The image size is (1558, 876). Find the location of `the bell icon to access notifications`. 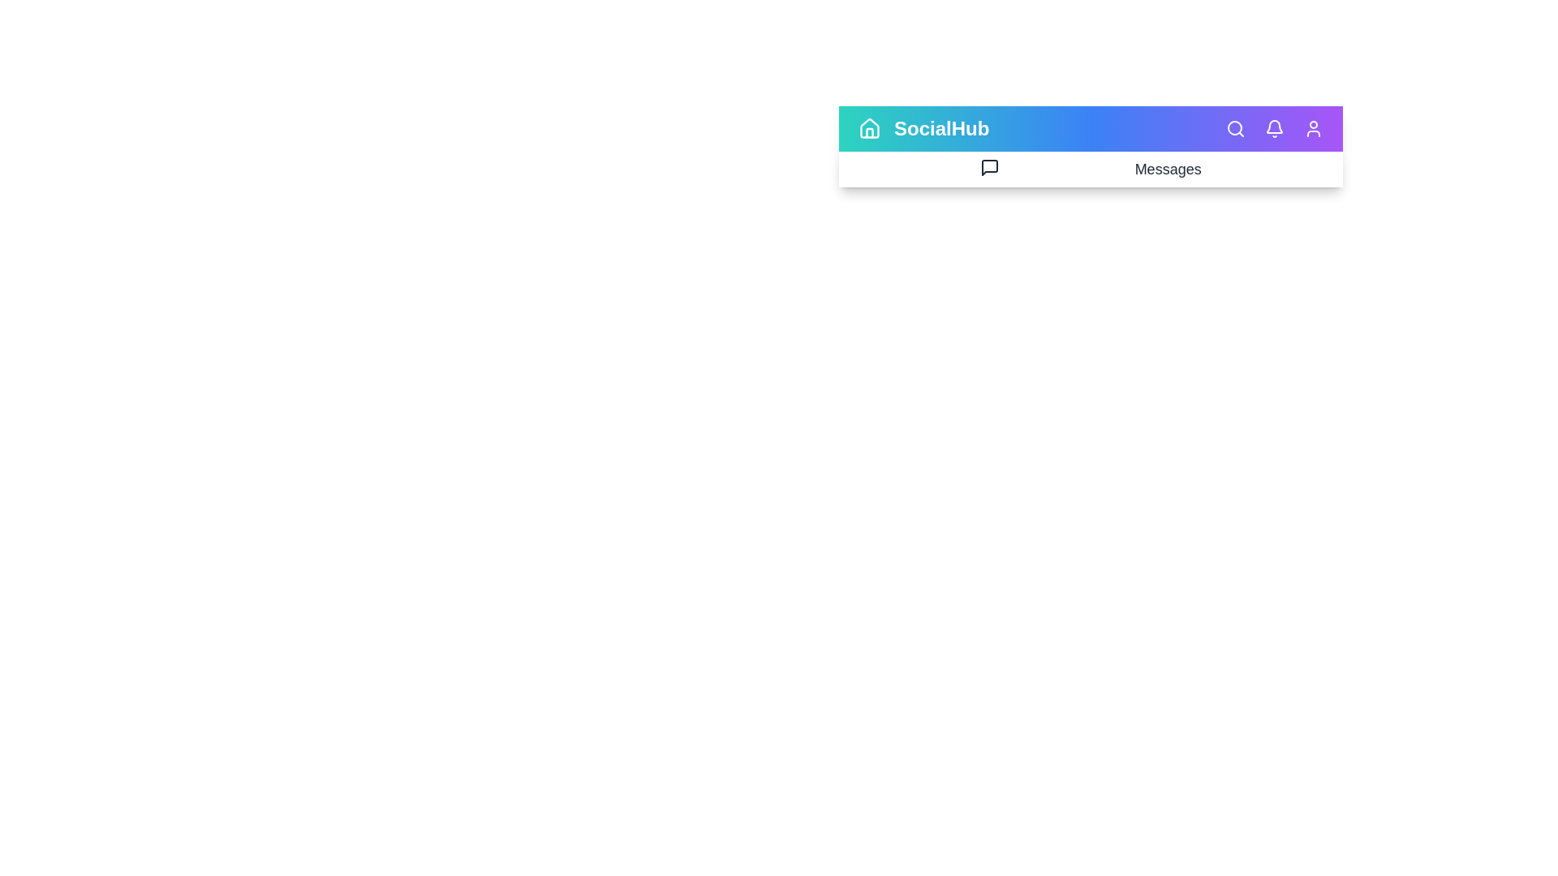

the bell icon to access notifications is located at coordinates (1273, 127).